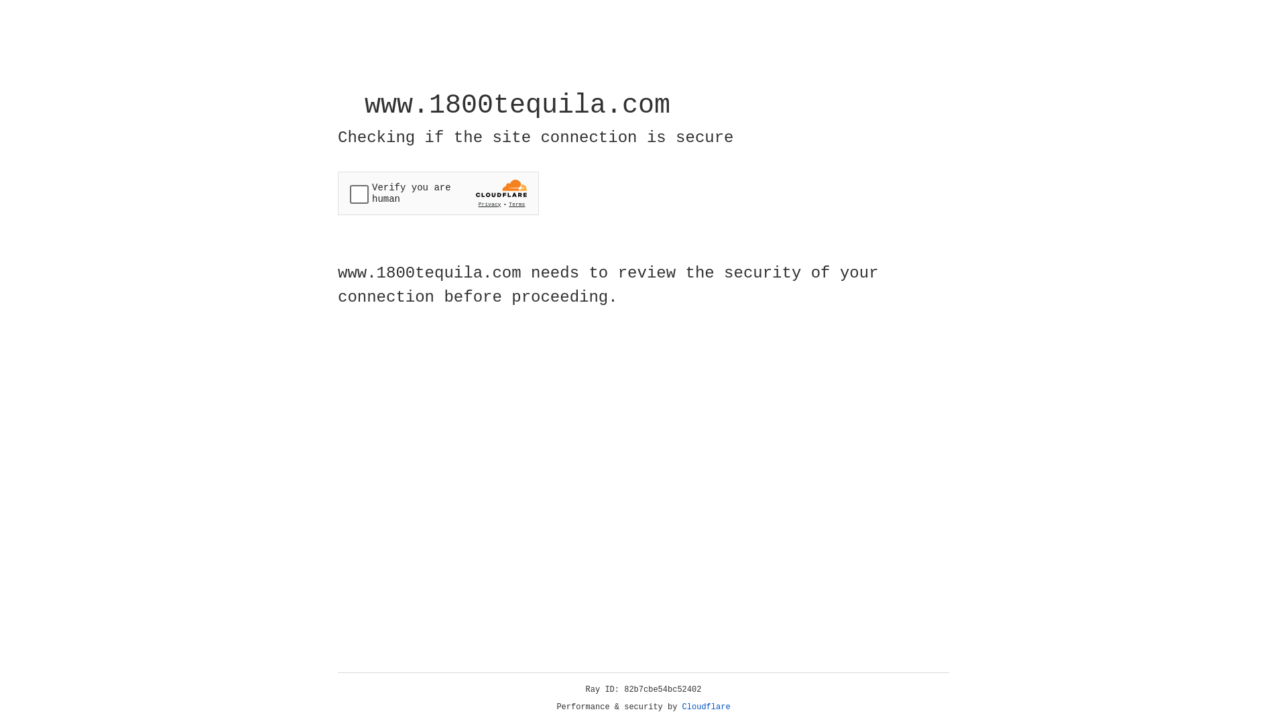 This screenshot has width=1287, height=724. What do you see at coordinates (438, 193) in the screenshot?
I see `'Widget containing a Cloudflare security challenge'` at bounding box center [438, 193].